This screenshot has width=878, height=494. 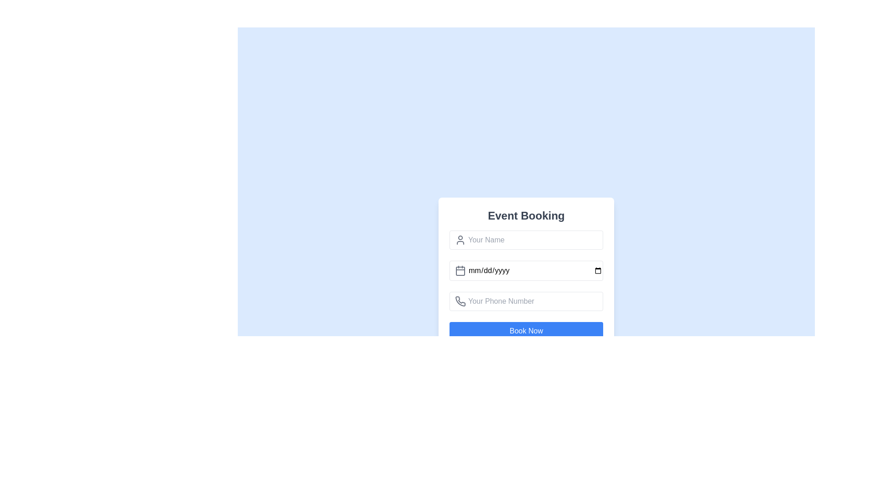 I want to click on the phone number input field to focus on it, which is located below the date input field and above the 'Book Now' button, so click(x=526, y=301).